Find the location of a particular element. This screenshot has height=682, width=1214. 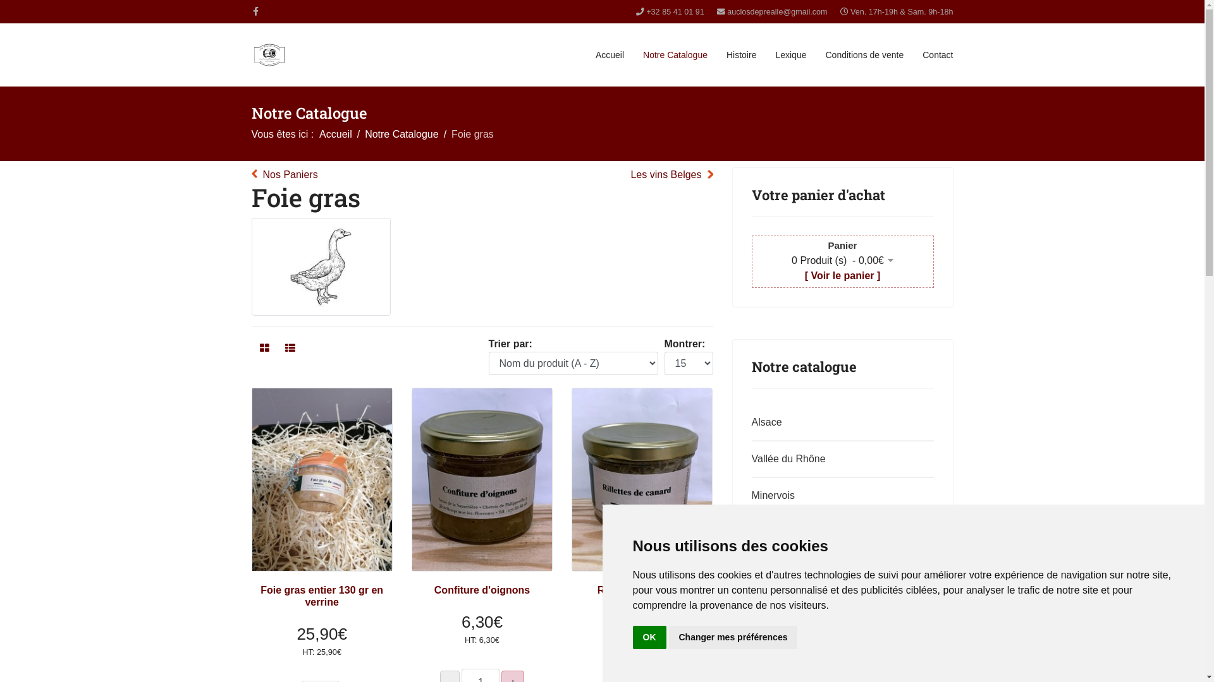

'Accueil' is located at coordinates (336, 134).